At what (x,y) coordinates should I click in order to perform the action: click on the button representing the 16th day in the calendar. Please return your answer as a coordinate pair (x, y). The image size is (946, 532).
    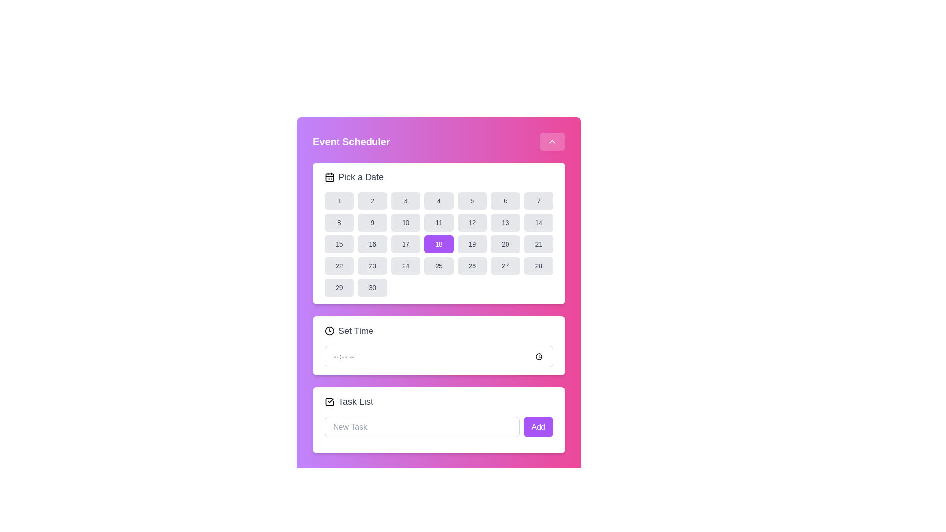
    Looking at the image, I should click on (372, 244).